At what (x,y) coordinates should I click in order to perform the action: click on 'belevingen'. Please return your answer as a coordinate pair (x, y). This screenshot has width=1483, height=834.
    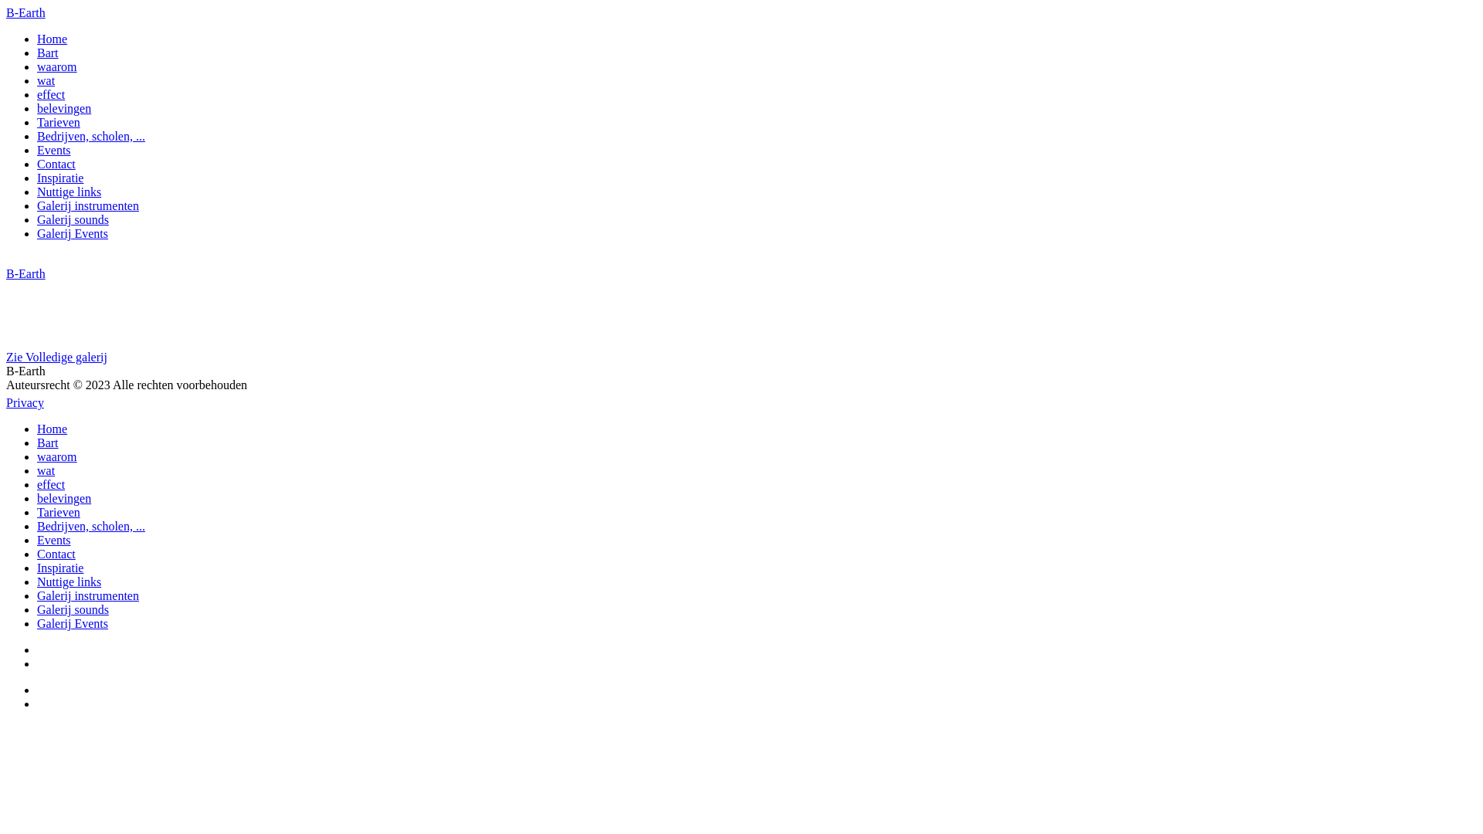
    Looking at the image, I should click on (63, 107).